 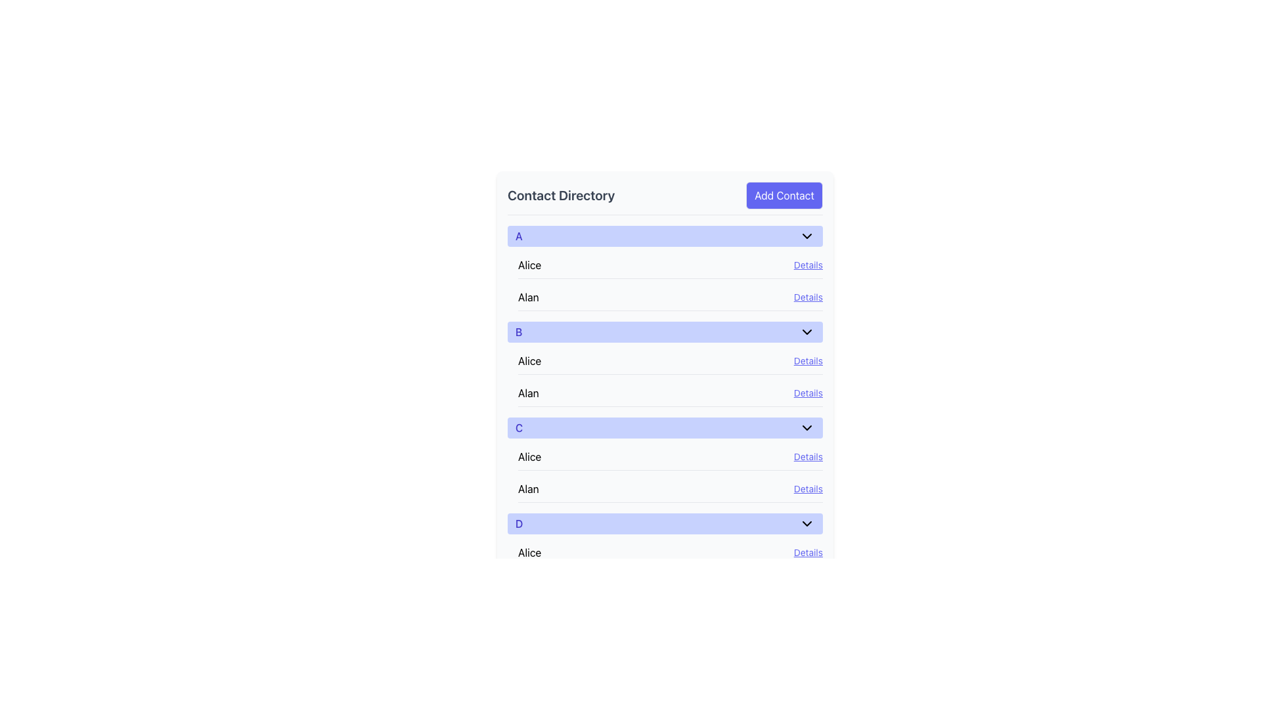 What do you see at coordinates (807, 265) in the screenshot?
I see `the 'Details' hyperlink, which is styled with small indigo font and underlined text, located in the right portion of the row that displays the name 'Alice'` at bounding box center [807, 265].